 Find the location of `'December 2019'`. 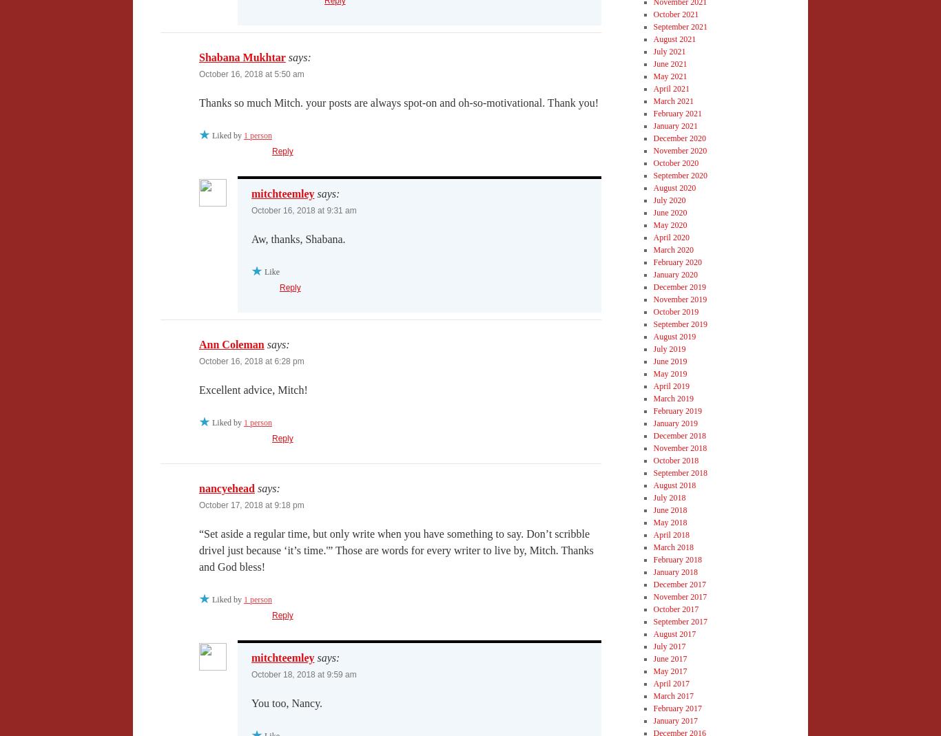

'December 2019' is located at coordinates (679, 286).